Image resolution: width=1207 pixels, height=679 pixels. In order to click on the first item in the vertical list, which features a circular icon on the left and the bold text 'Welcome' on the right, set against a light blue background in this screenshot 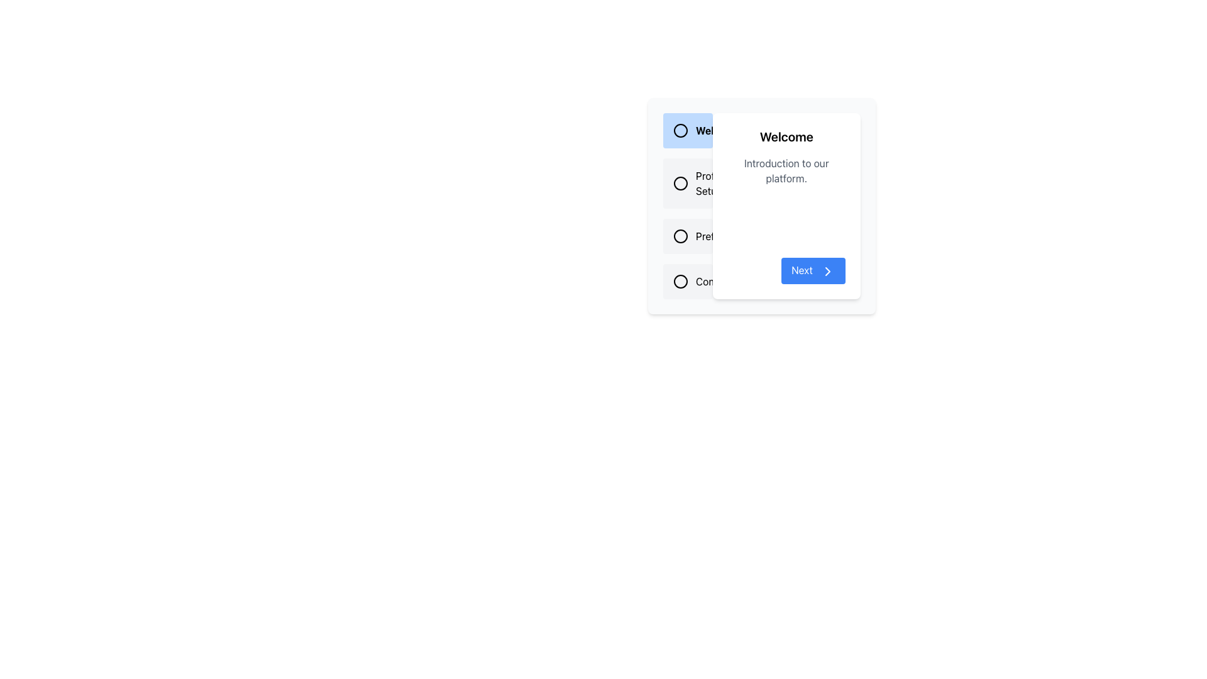, I will do `click(687, 131)`.